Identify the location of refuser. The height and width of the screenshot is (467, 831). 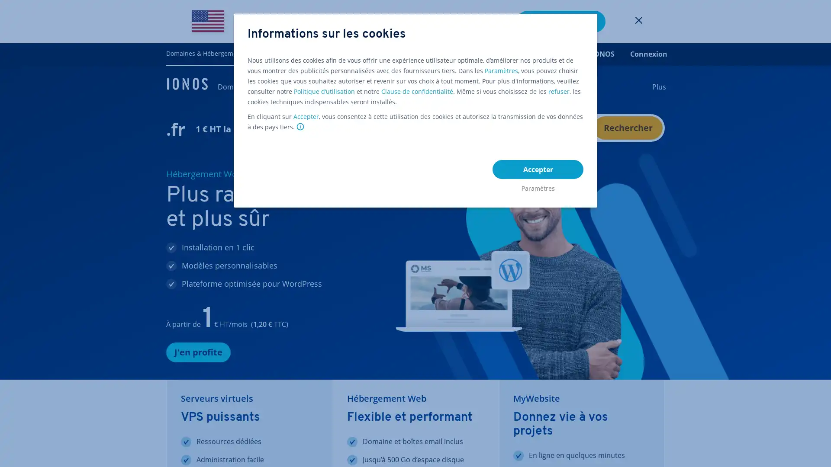
(559, 92).